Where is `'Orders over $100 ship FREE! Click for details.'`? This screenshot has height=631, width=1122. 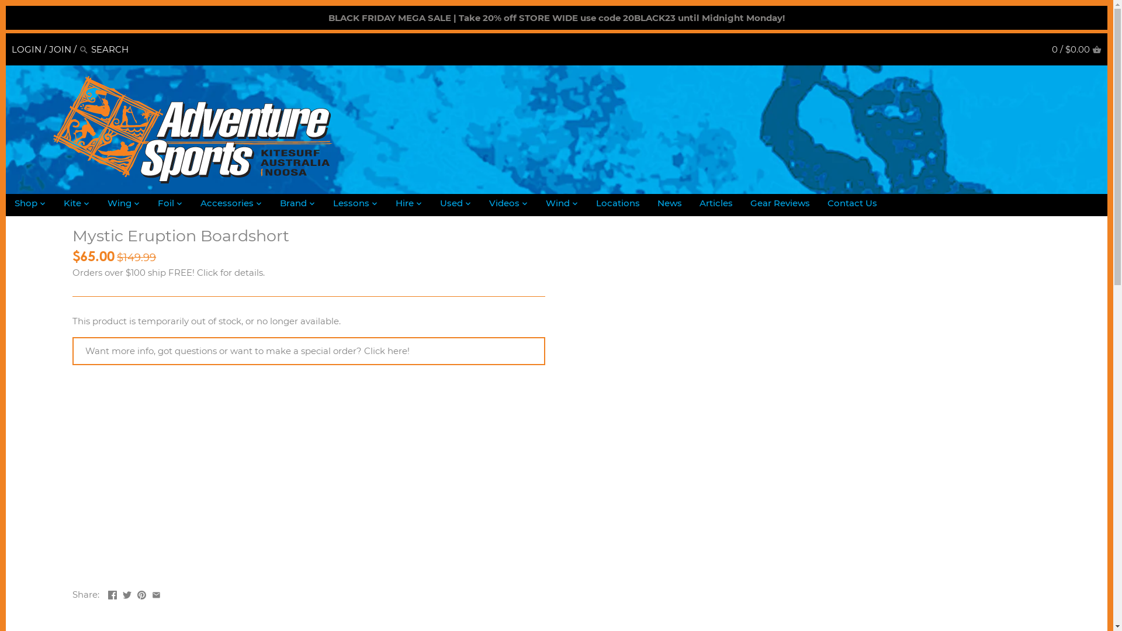
'Orders over $100 ship FREE! Click for details.' is located at coordinates (168, 272).